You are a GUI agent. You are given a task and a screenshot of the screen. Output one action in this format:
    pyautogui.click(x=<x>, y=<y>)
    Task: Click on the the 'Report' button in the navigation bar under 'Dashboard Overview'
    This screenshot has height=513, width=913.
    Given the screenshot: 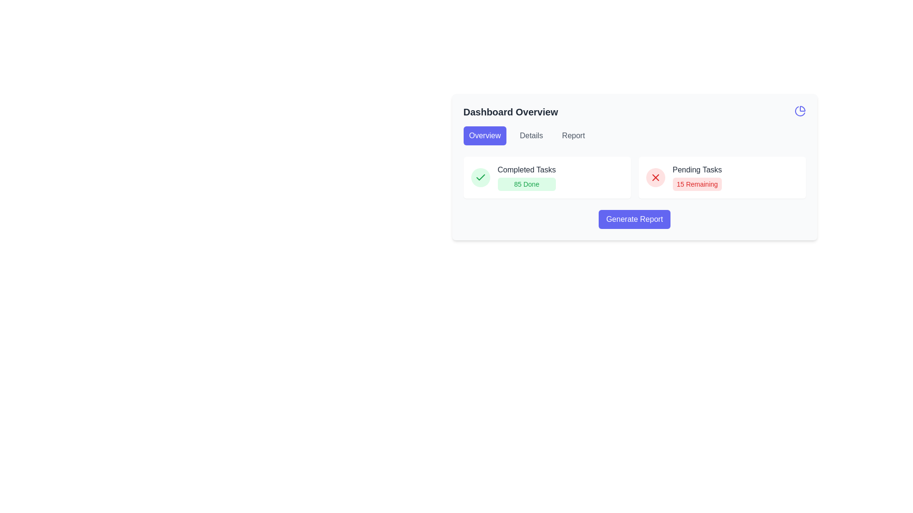 What is the action you would take?
    pyautogui.click(x=573, y=135)
    